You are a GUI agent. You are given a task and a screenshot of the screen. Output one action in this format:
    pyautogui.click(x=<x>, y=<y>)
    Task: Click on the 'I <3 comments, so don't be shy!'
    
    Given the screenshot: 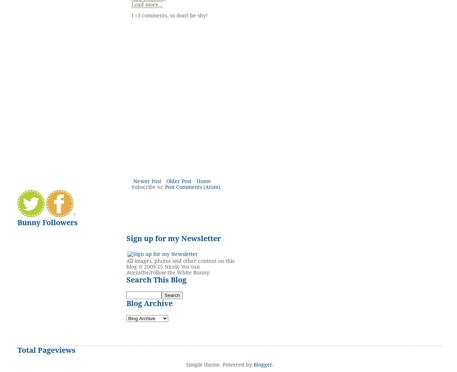 What is the action you would take?
    pyautogui.click(x=131, y=15)
    